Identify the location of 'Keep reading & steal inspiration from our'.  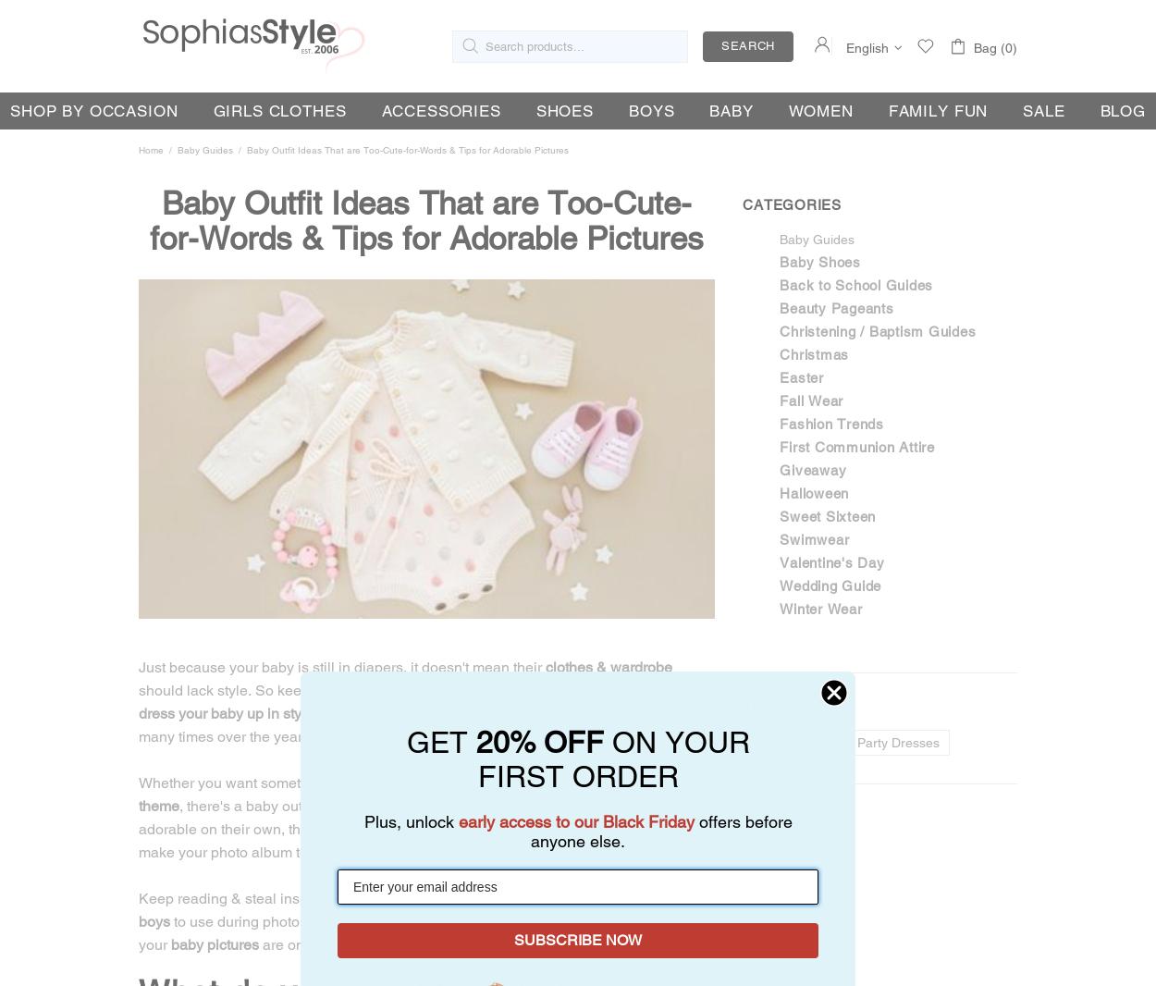
(274, 897).